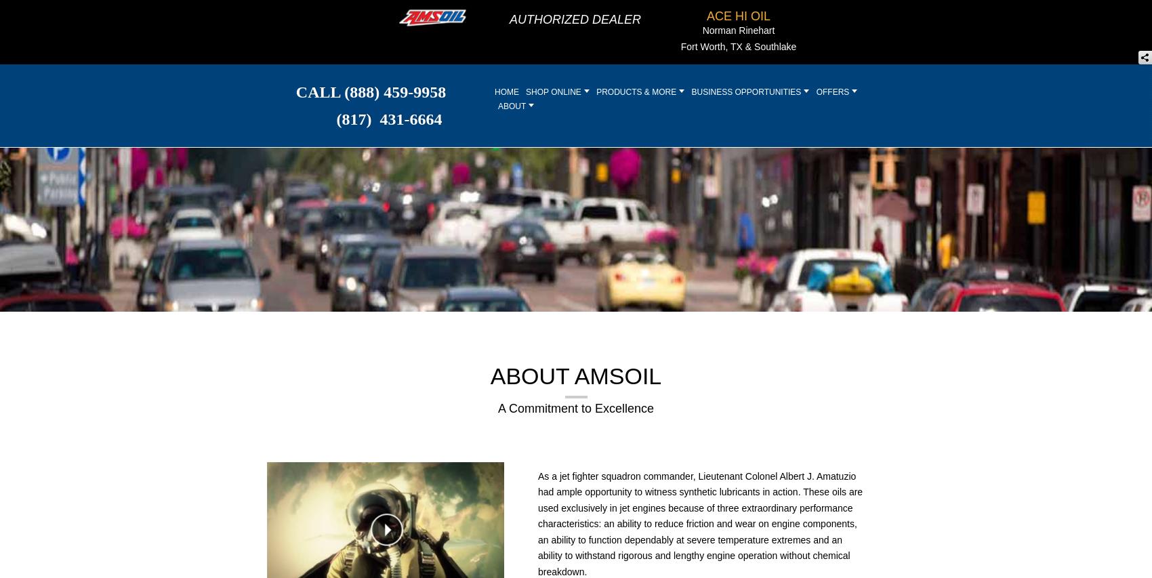 Image resolution: width=1152 pixels, height=578 pixels. I want to click on 'OFFERS', so click(815, 91).